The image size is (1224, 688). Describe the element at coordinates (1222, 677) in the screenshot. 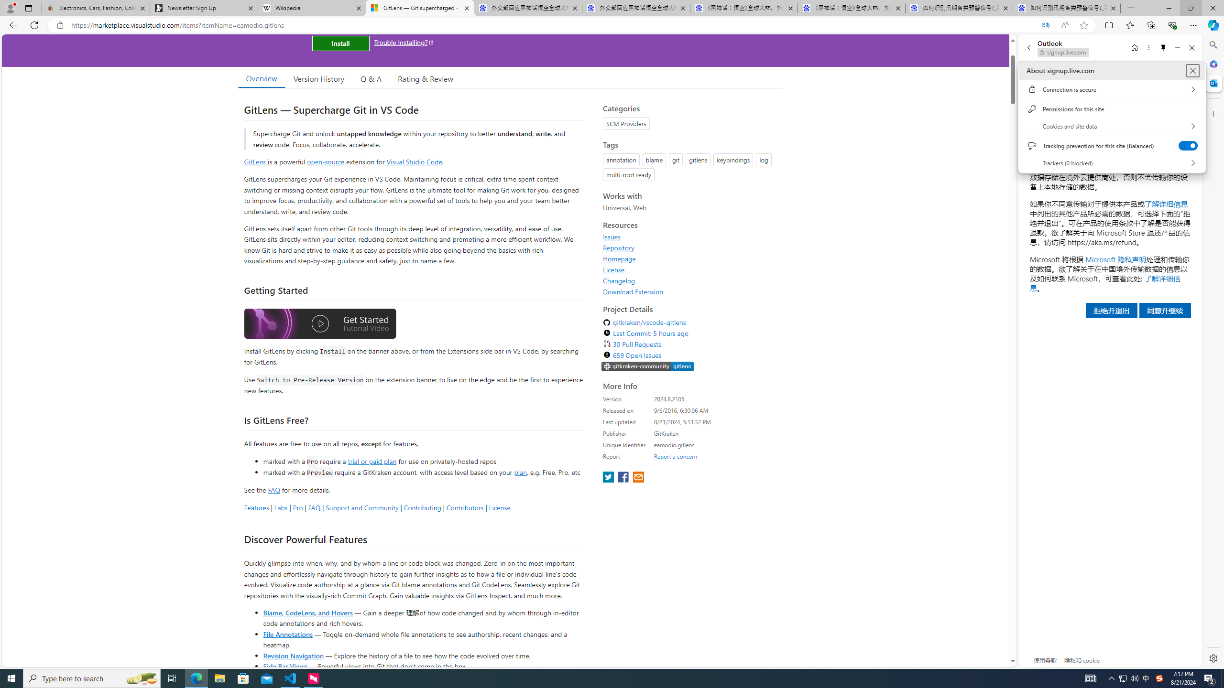

I see `'Show desktop'` at that location.